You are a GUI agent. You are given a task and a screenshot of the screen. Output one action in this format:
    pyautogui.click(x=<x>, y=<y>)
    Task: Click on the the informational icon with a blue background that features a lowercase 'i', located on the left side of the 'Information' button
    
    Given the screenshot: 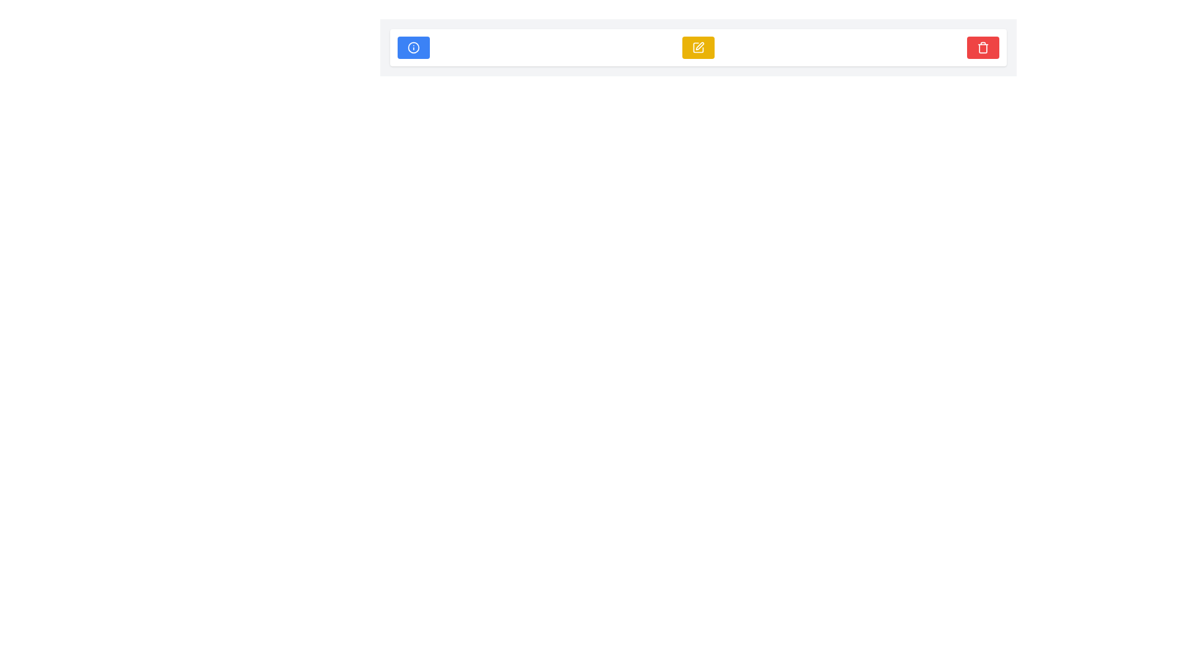 What is the action you would take?
    pyautogui.click(x=414, y=47)
    